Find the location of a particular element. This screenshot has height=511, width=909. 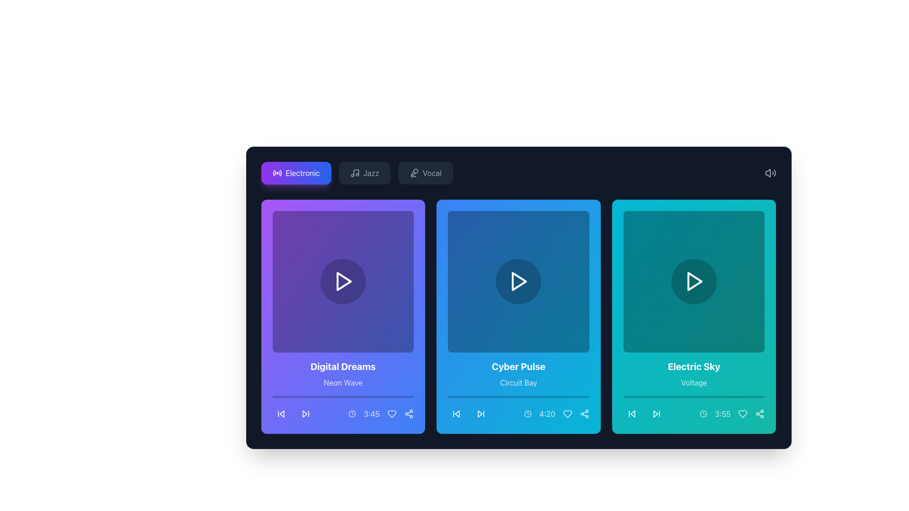

the heart-shaped icon button located at the bottom-right corner of the second card in the series of music track cards is located at coordinates (567, 413).